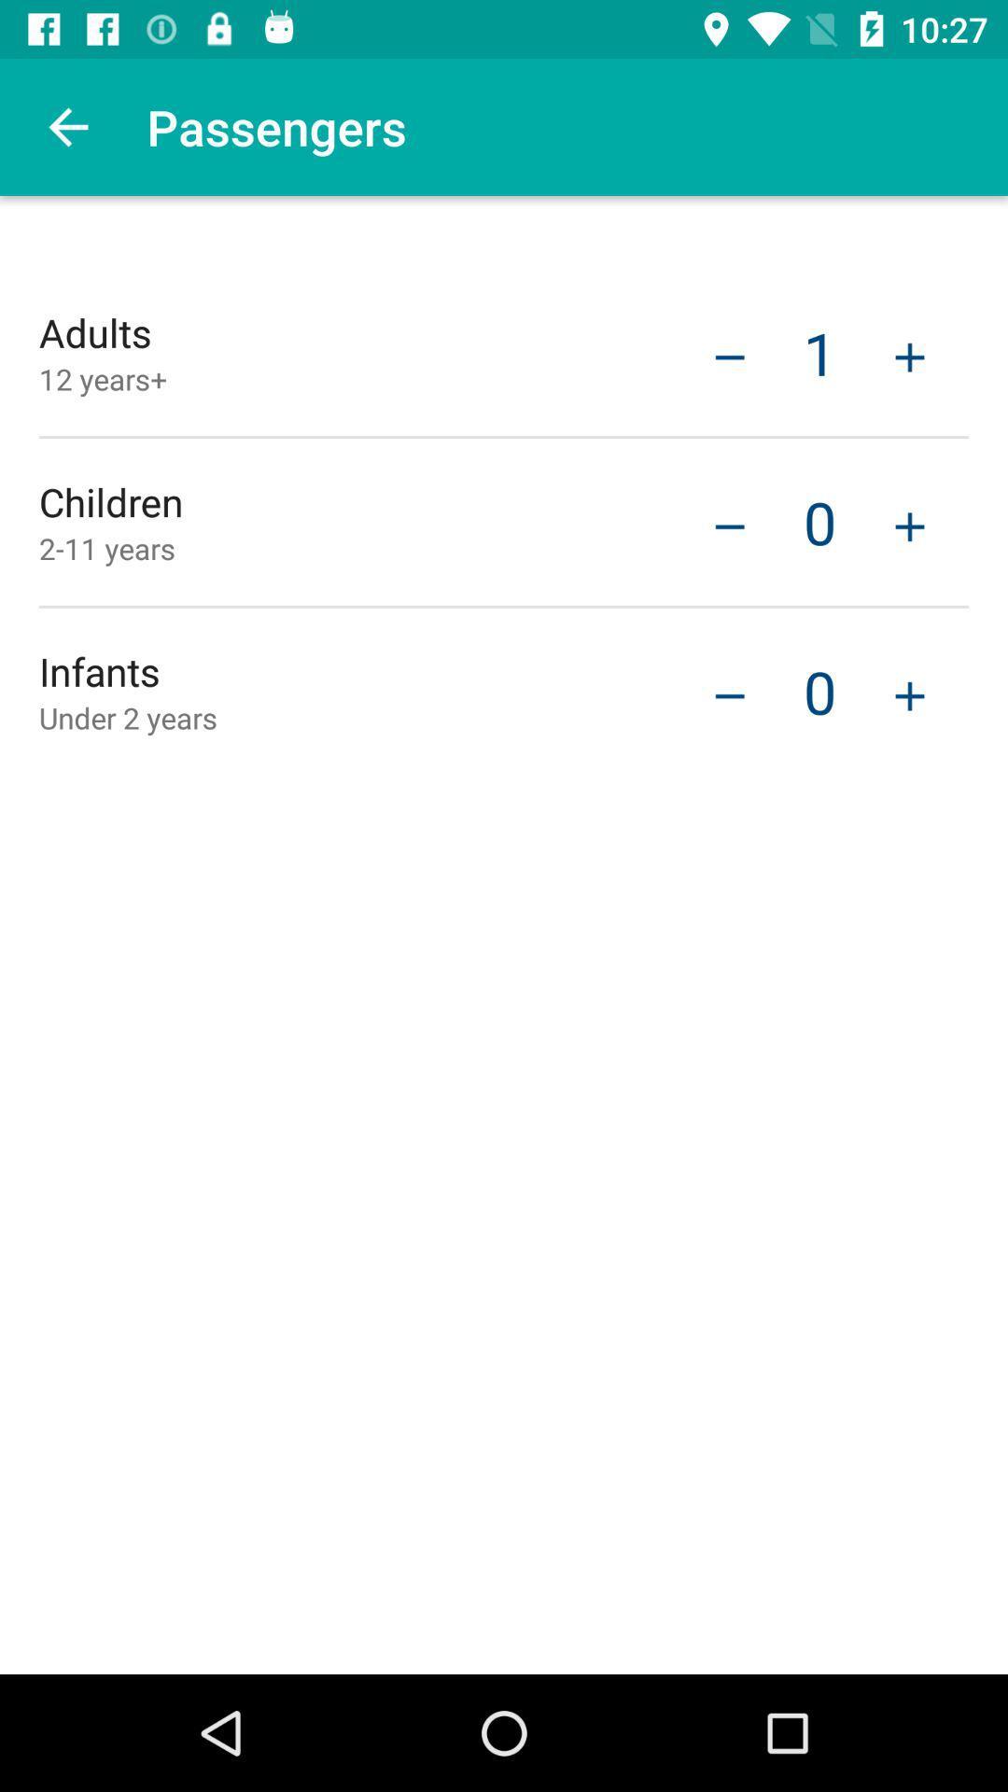 Image resolution: width=1008 pixels, height=1792 pixels. What do you see at coordinates (729, 524) in the screenshot?
I see `minus click` at bounding box center [729, 524].